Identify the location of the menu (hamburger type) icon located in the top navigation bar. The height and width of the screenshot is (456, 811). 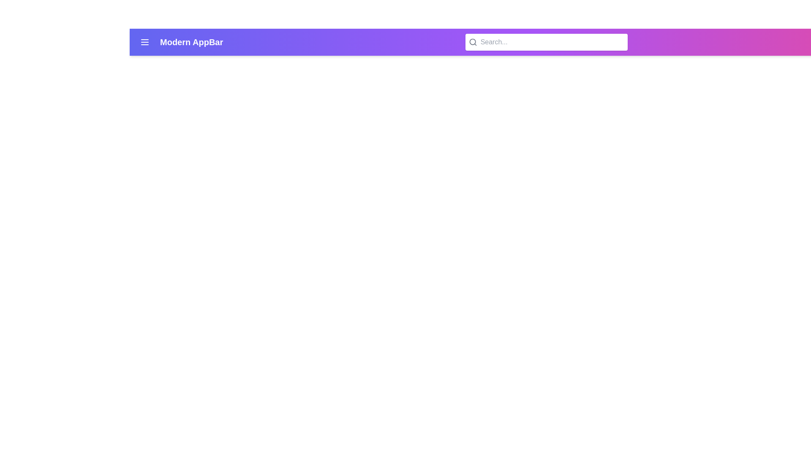
(144, 42).